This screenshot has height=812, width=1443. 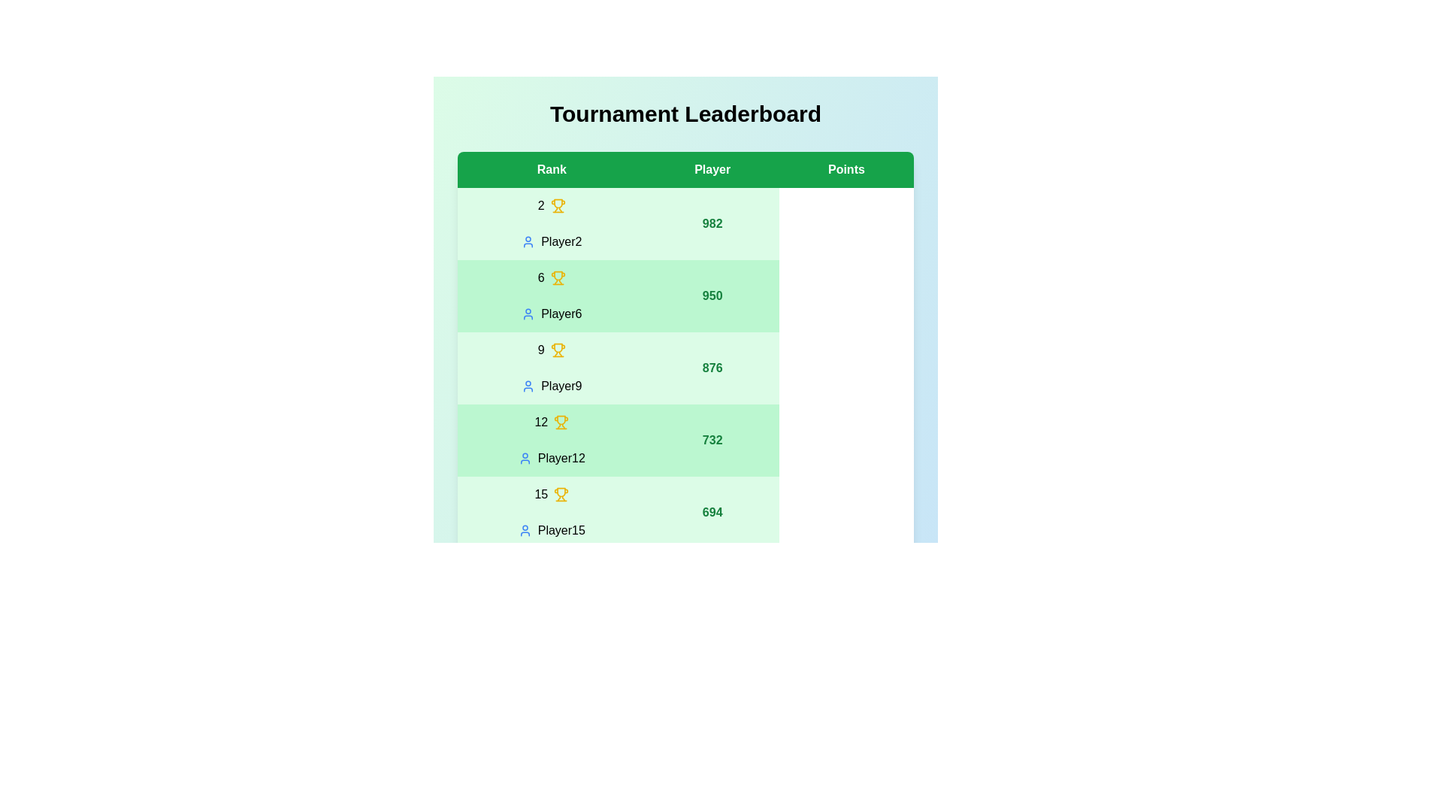 I want to click on the column header Rank to sort the leaderboard by that column, so click(x=551, y=169).